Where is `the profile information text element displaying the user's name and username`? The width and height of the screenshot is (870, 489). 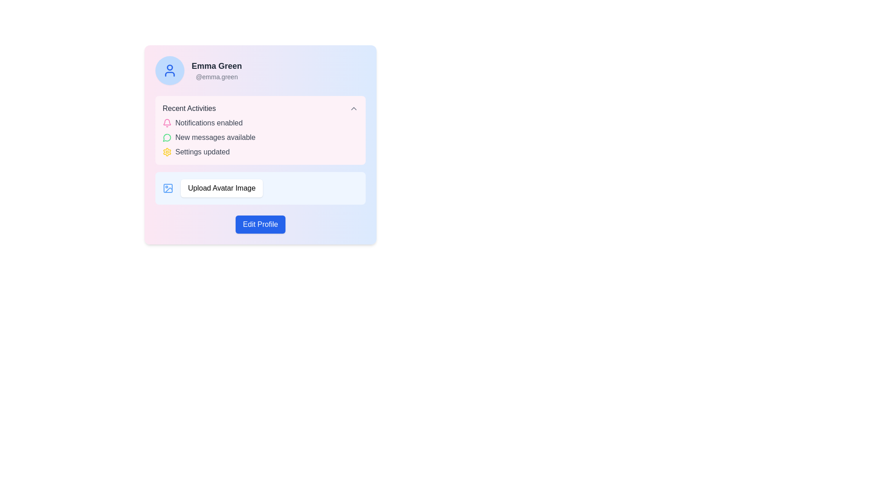
the profile information text element displaying the user's name and username is located at coordinates (216, 70).